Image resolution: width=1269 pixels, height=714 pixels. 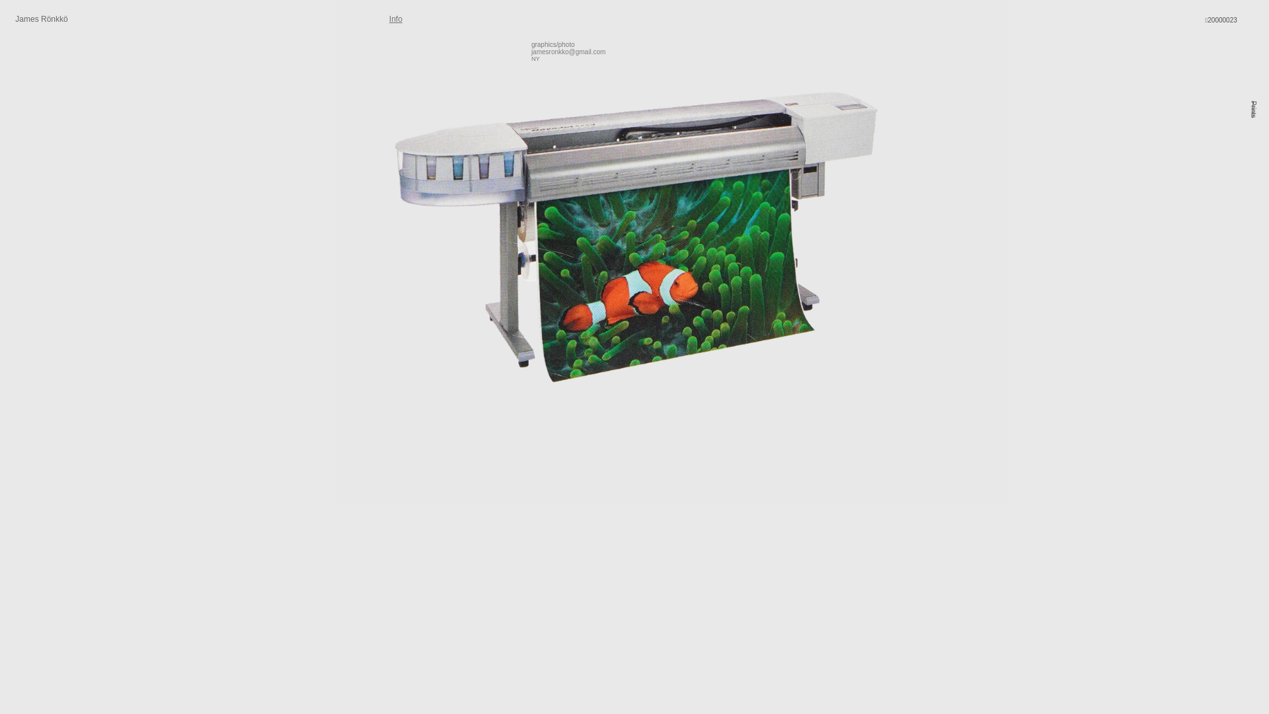 I want to click on 'jamesronkko@gmail.com', so click(x=568, y=51).